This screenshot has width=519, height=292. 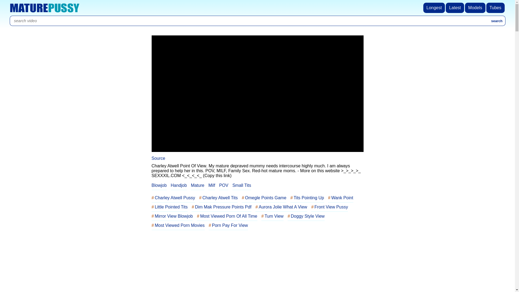 I want to click on 'POV', so click(x=224, y=185).